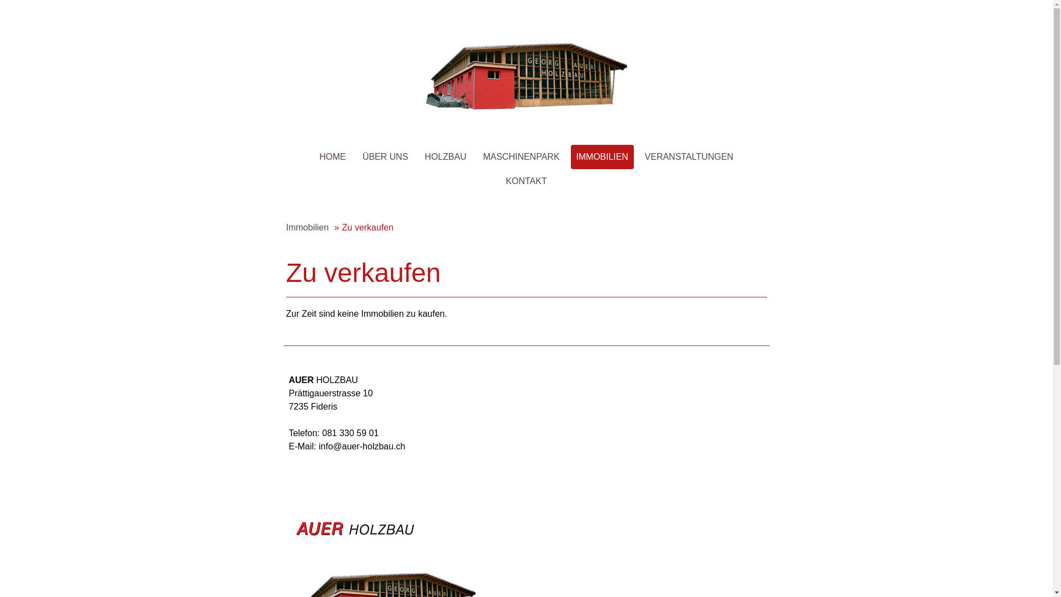  What do you see at coordinates (332, 157) in the screenshot?
I see `'HOME'` at bounding box center [332, 157].